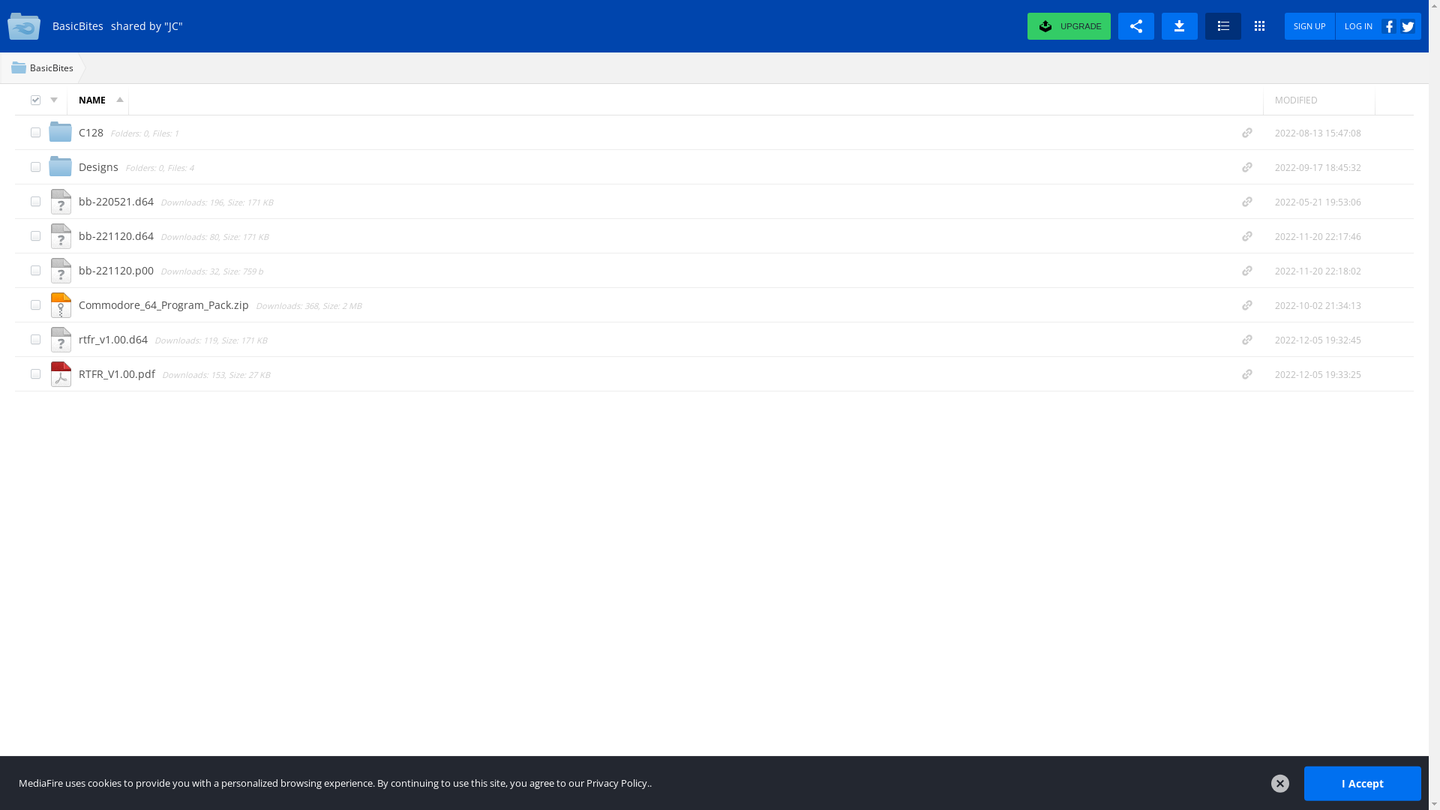 The width and height of the screenshot is (1440, 810). I want to click on 'RTFR_V1.00.pdf', so click(78, 372).